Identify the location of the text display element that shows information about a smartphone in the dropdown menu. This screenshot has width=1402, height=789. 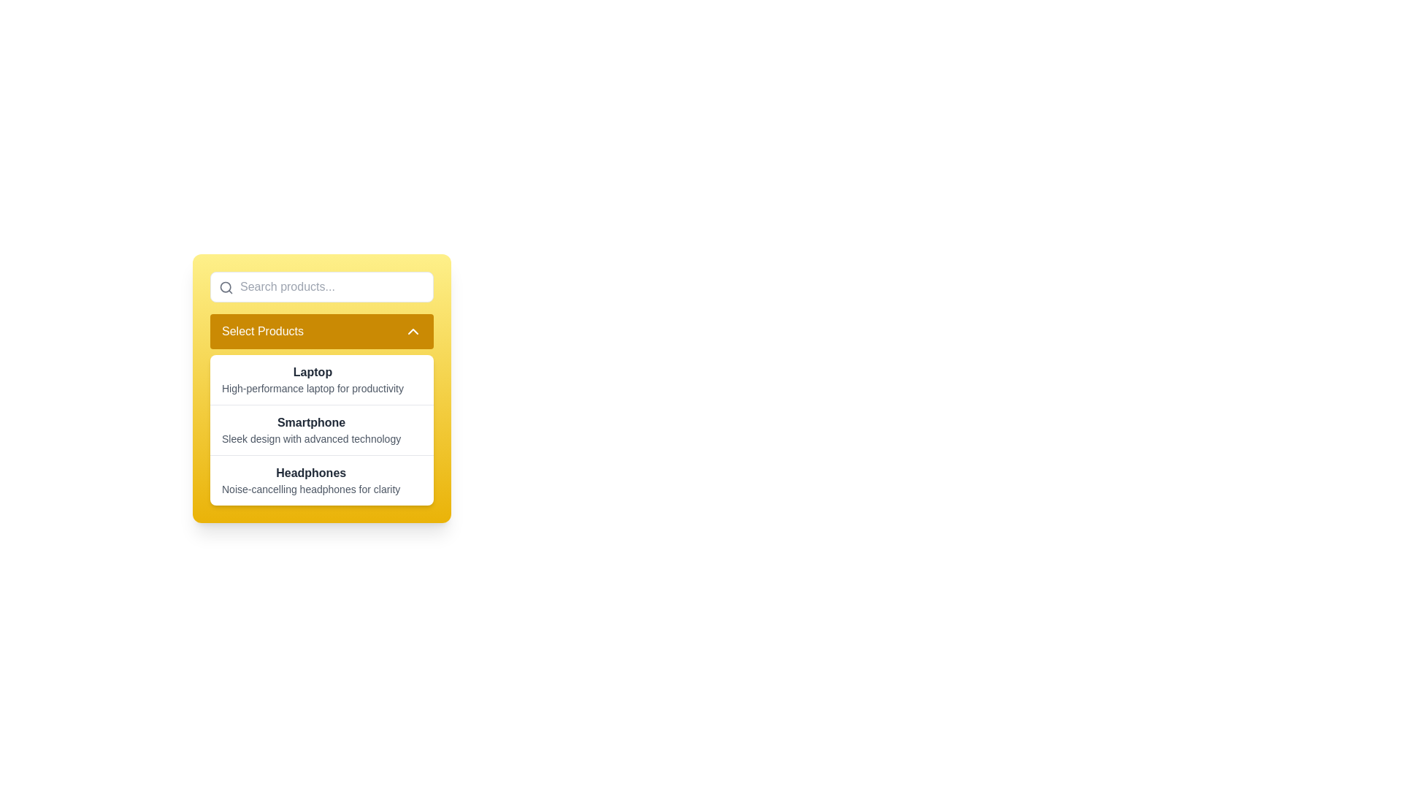
(321, 429).